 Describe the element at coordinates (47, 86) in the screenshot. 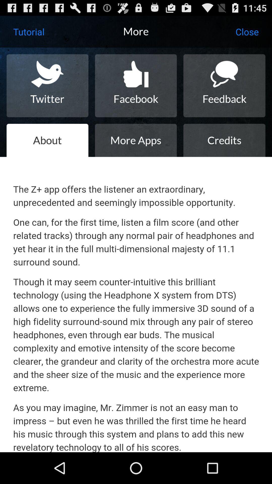

I see `twitter` at that location.